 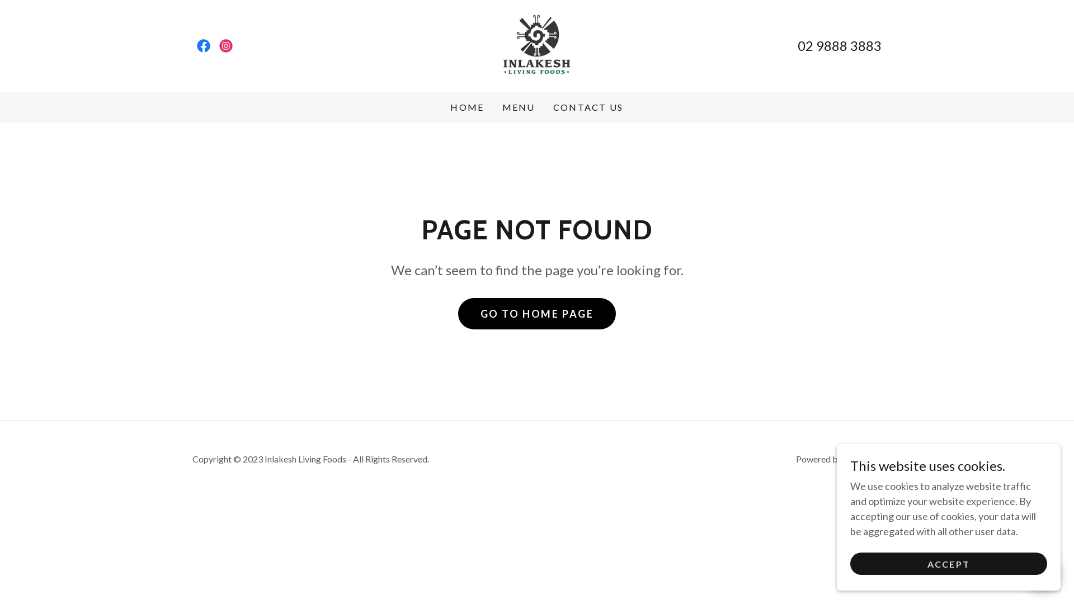 I want to click on '02 9888 3883', so click(x=840, y=45).